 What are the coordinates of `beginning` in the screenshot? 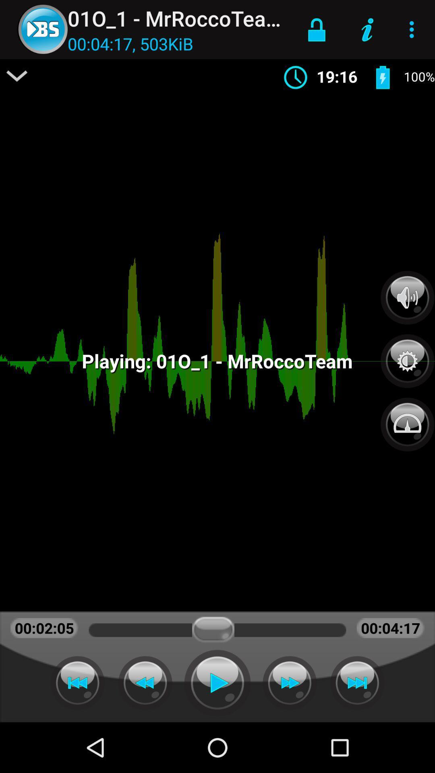 It's located at (77, 682).